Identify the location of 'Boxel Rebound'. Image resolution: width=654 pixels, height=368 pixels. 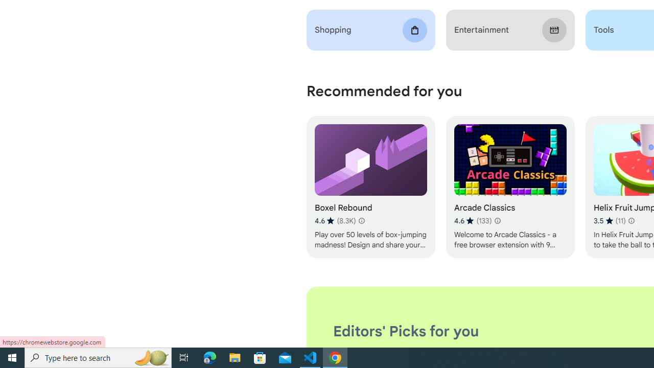
(370, 187).